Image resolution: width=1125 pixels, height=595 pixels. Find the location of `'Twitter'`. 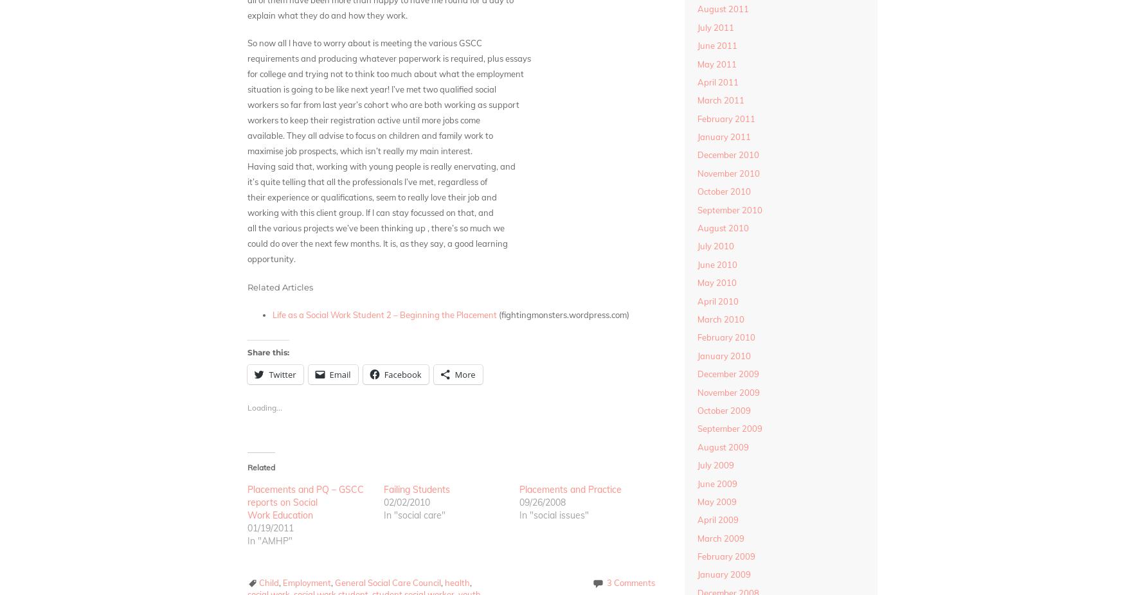

'Twitter' is located at coordinates (268, 374).